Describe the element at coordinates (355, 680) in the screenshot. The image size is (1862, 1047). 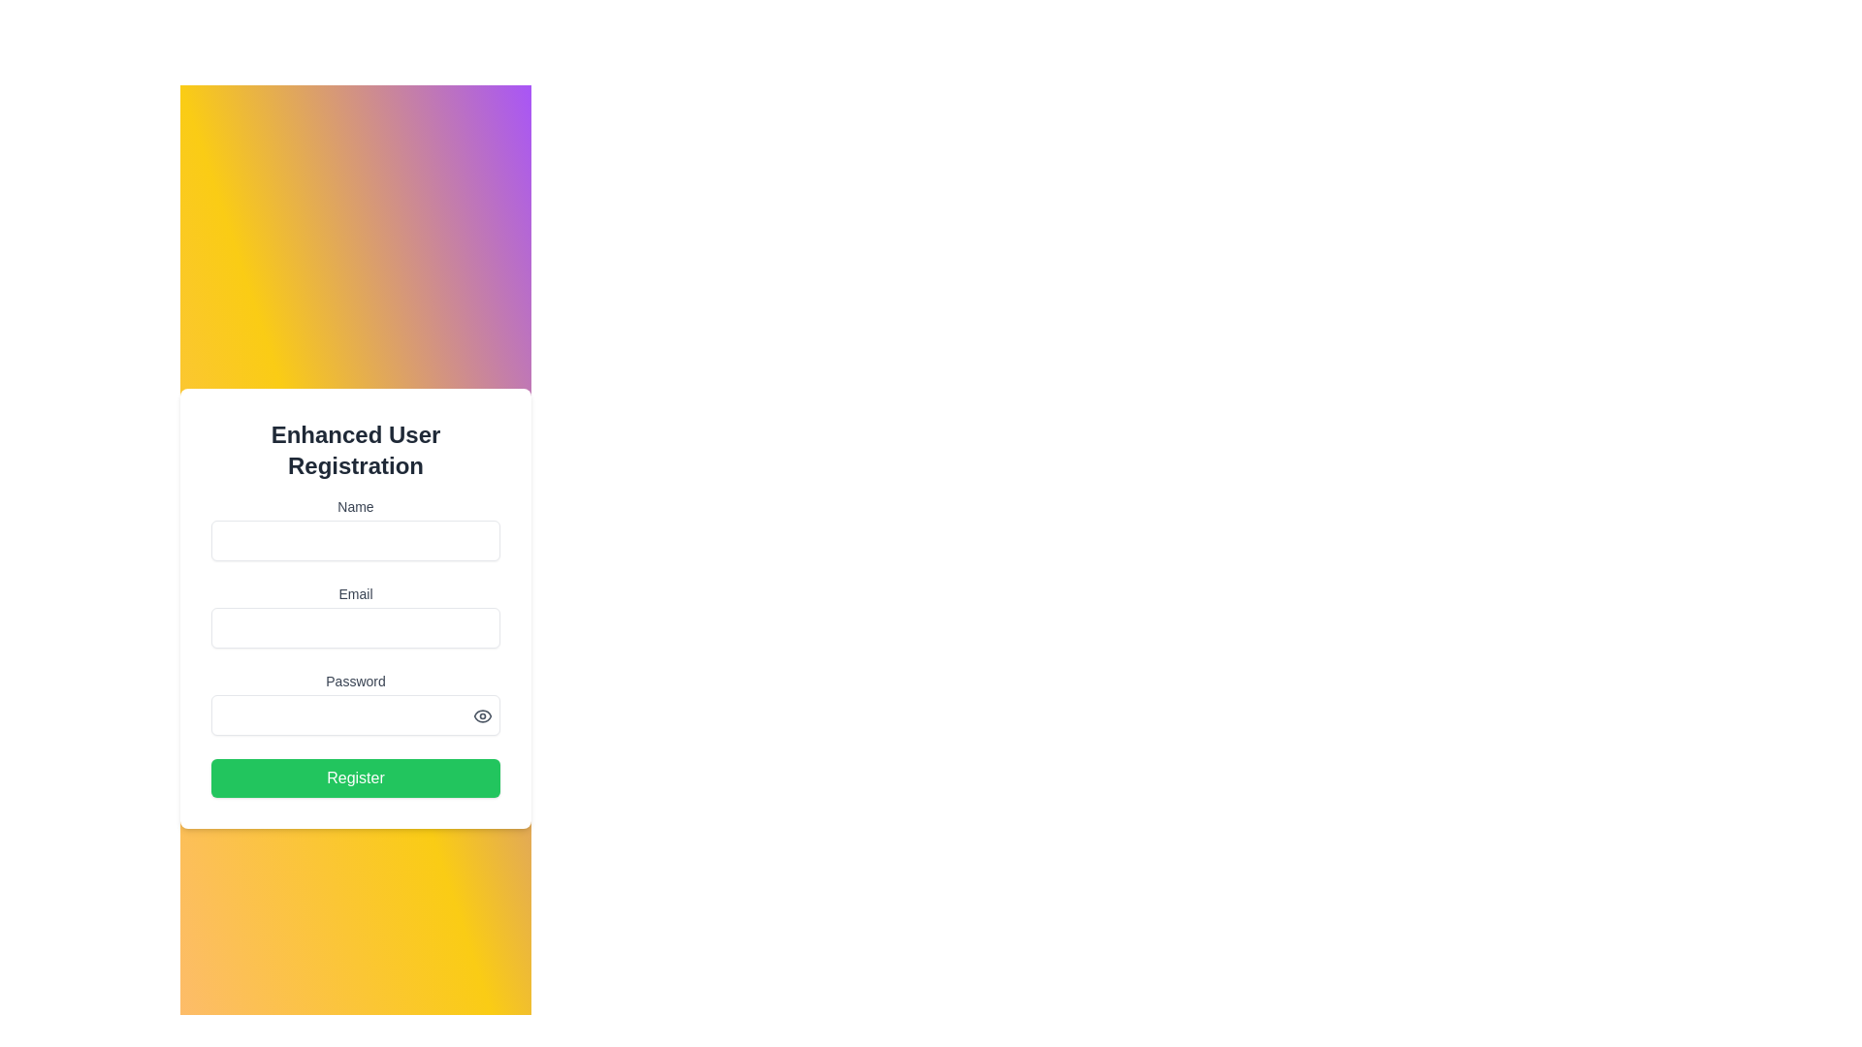
I see `the 'Password' text label located above the password input field in the form interface` at that location.